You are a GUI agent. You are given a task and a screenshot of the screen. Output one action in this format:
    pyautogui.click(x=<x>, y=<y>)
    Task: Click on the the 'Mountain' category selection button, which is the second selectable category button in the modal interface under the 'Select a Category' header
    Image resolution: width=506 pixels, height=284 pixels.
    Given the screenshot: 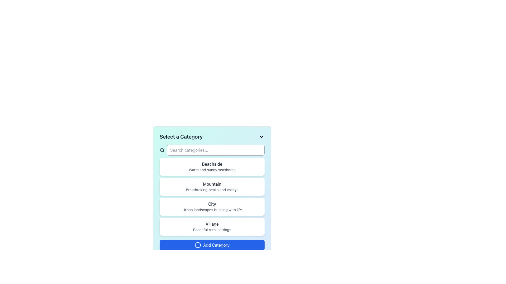 What is the action you would take?
    pyautogui.click(x=212, y=192)
    